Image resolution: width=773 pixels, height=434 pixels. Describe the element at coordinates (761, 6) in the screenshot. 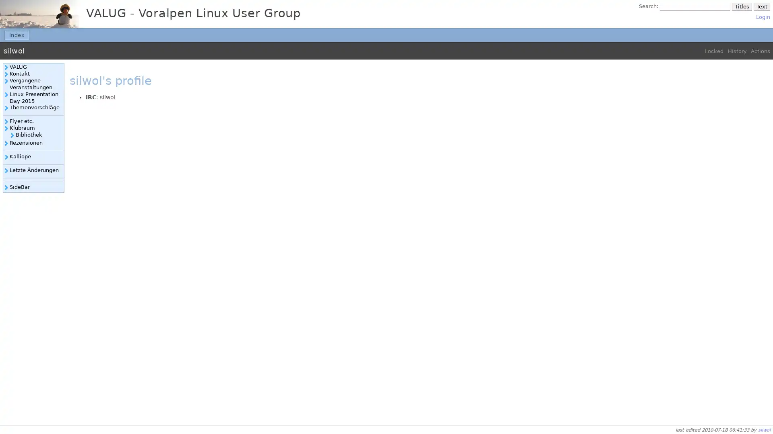

I see `Text` at that location.